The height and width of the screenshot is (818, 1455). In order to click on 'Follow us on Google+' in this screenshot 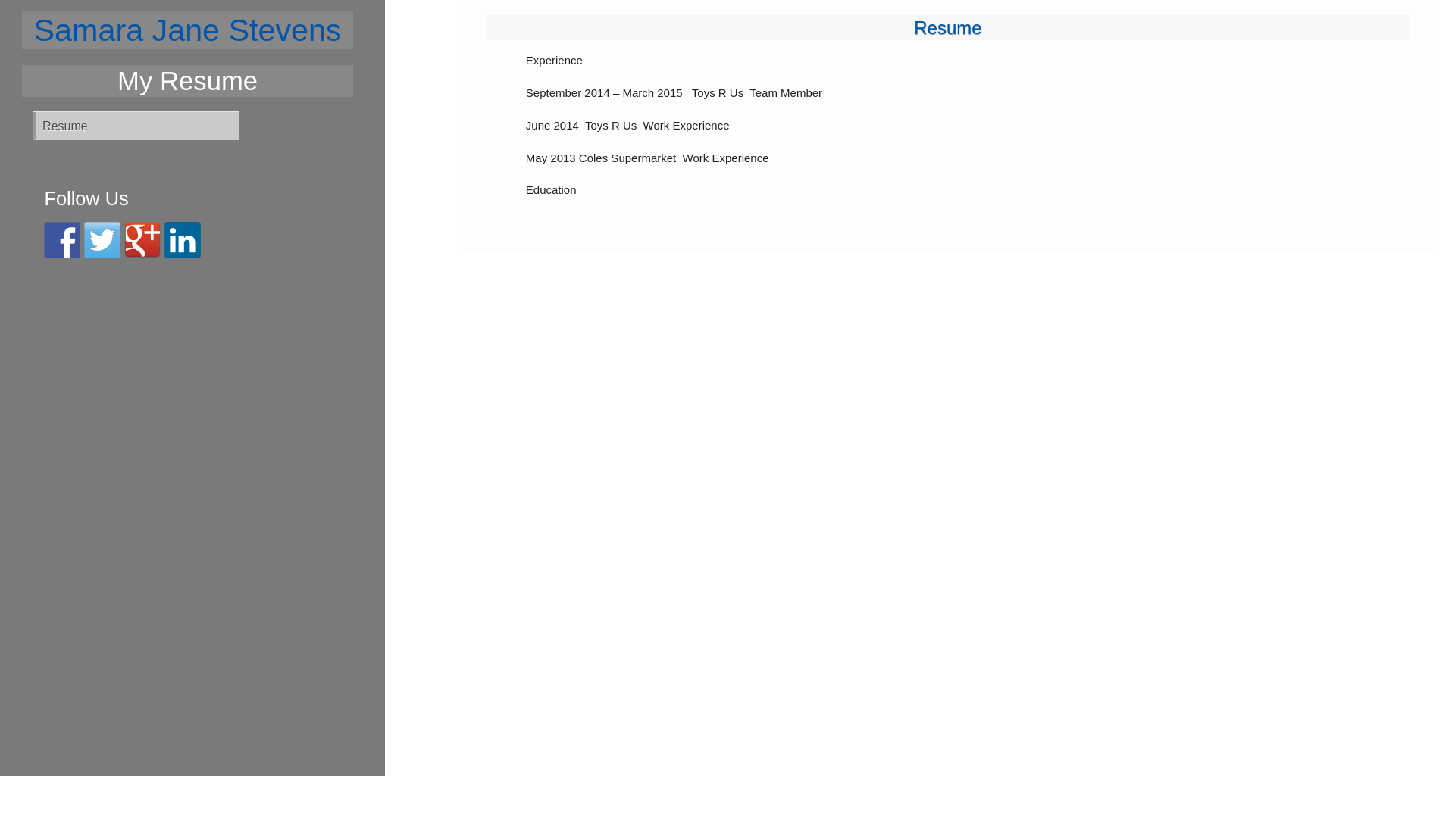, I will do `click(142, 239)`.